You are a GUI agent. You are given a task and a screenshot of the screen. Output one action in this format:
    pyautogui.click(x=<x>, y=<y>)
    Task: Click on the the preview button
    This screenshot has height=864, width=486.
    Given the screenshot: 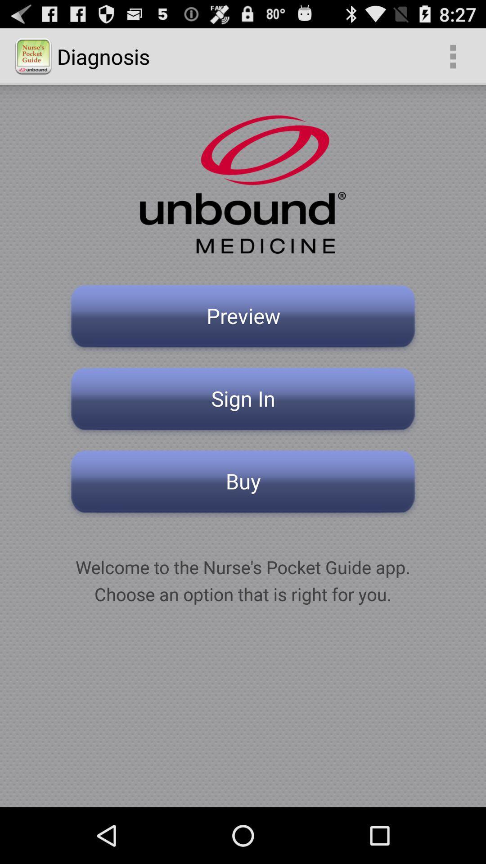 What is the action you would take?
    pyautogui.click(x=243, y=319)
    